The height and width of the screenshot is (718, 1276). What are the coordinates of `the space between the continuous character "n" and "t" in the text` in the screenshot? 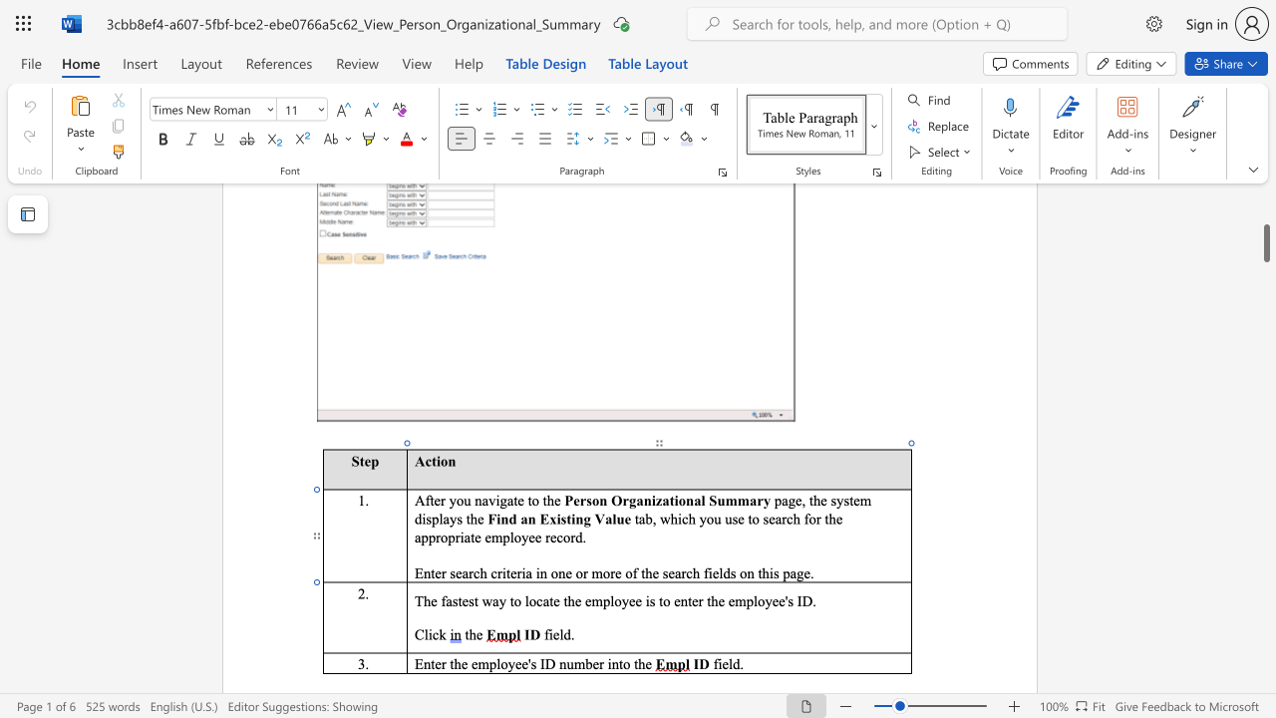 It's located at (687, 599).